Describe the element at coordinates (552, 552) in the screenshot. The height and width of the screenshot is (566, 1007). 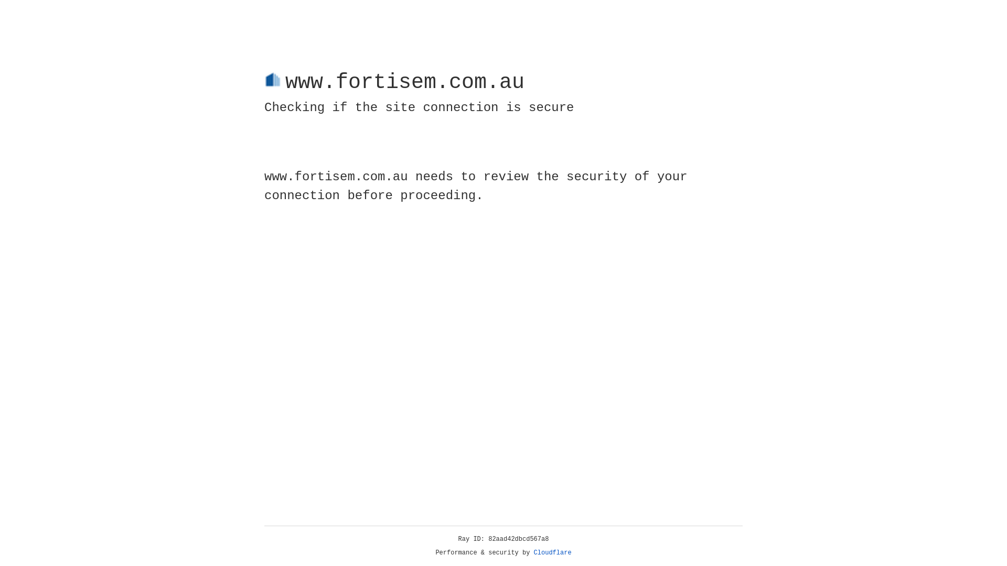
I see `'Cloudflare'` at that location.